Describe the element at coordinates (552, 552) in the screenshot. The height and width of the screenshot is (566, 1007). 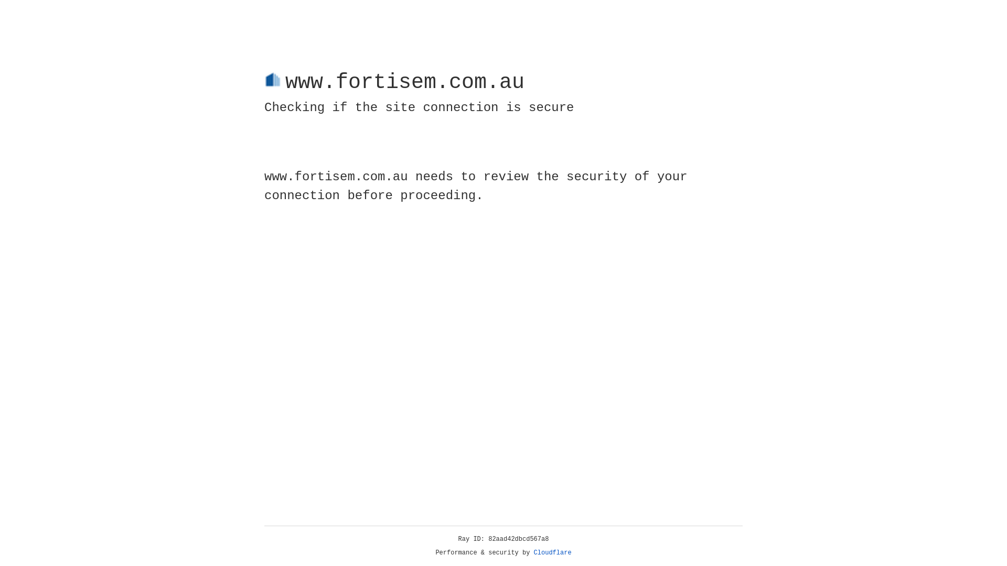
I see `'Cloudflare'` at that location.